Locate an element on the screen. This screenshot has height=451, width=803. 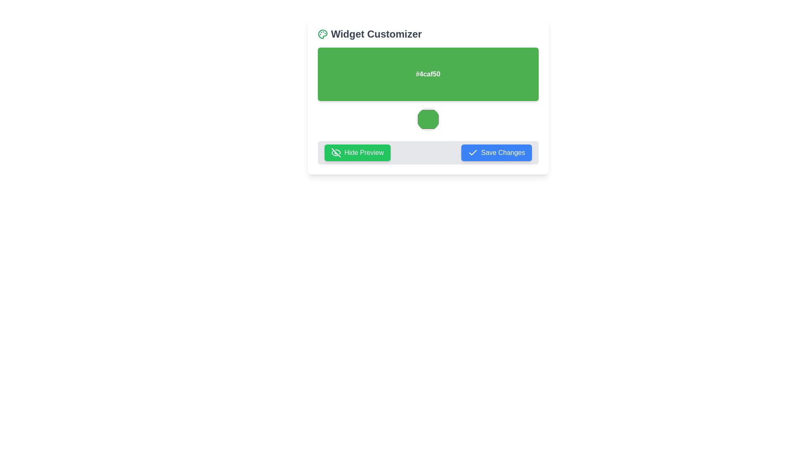
the rounded 'Save Changes' button with a checkmark icon on its left side to potentially reveal a tooltip or visual effect is located at coordinates (496, 153).